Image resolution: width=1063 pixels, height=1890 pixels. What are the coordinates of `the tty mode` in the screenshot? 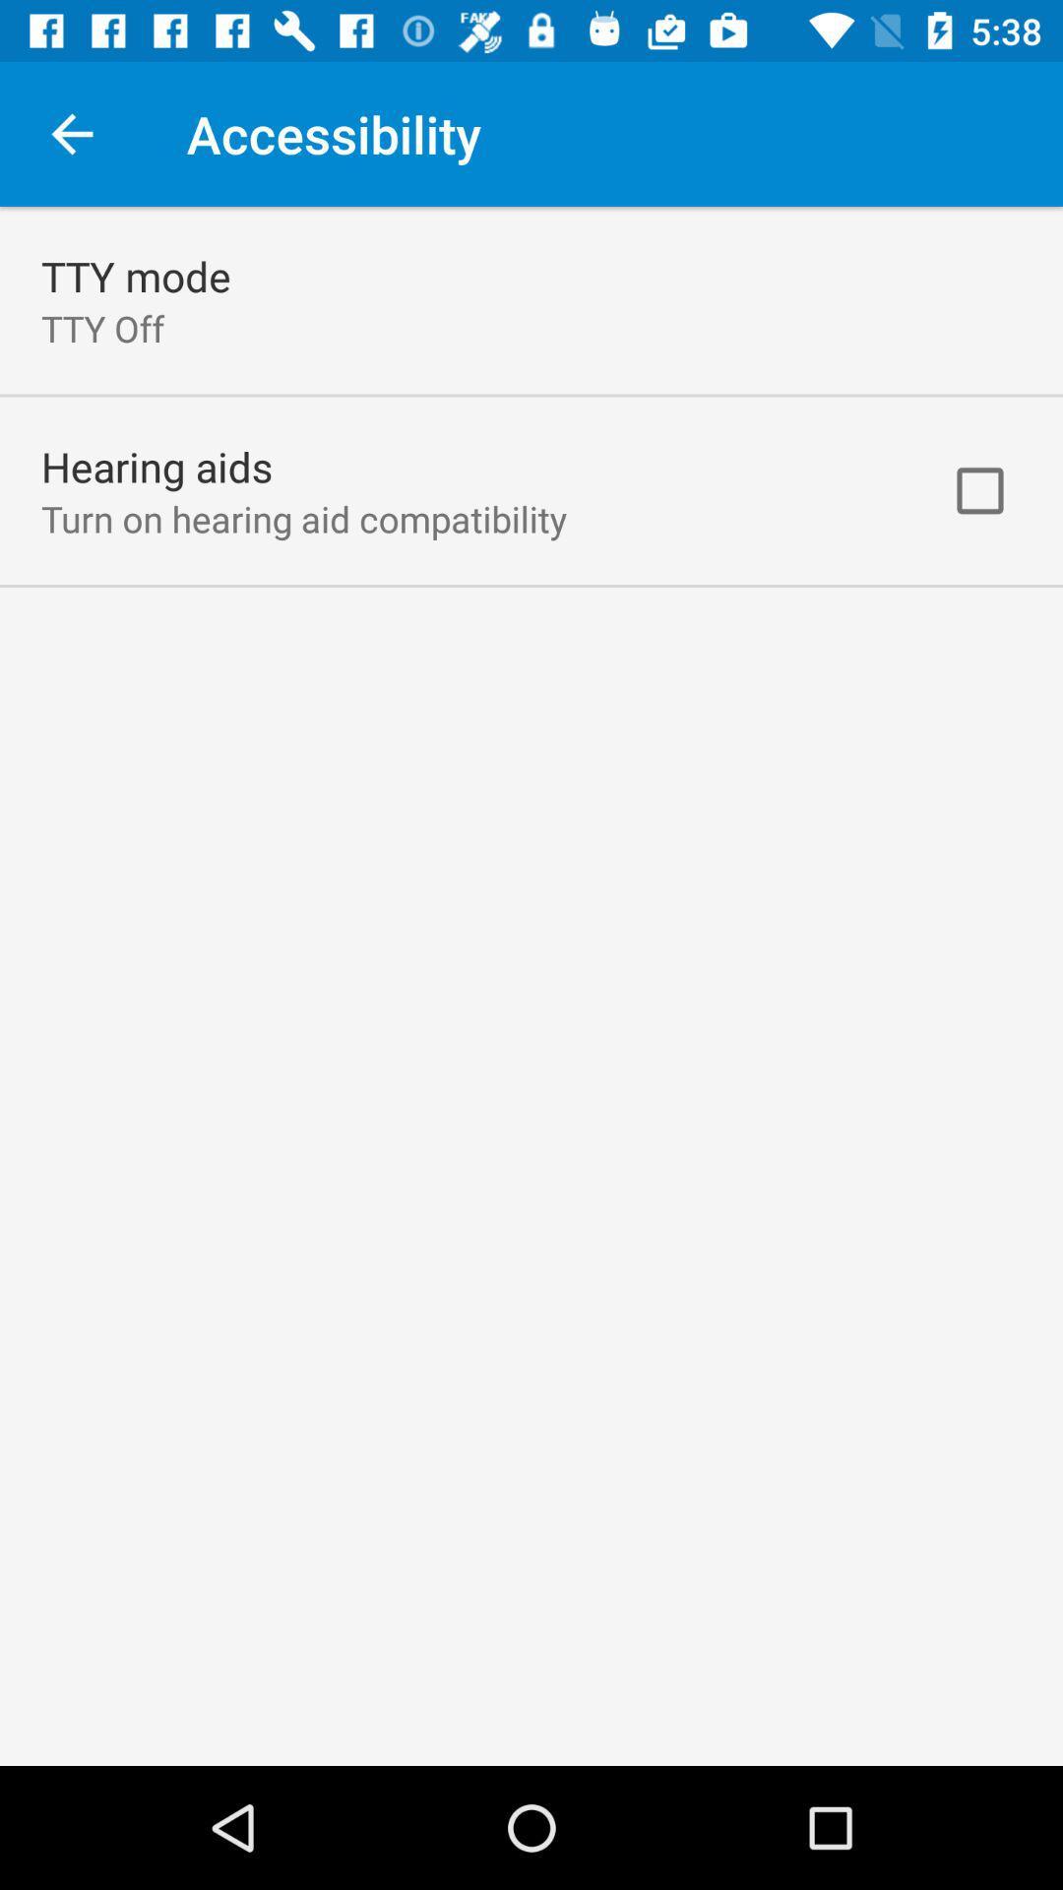 It's located at (135, 275).